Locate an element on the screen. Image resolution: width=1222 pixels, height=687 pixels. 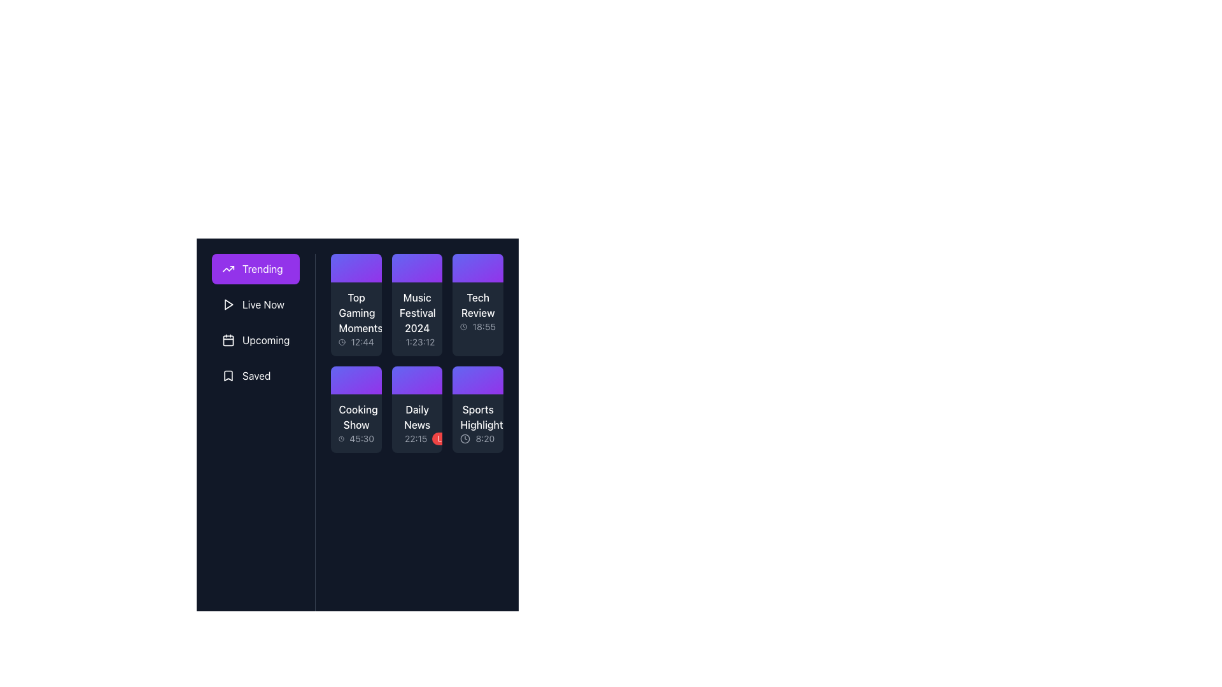
the decorative gradient background of the 'Sports Highlights' card located at the top section, which transitions from deep indigo to vibrant purple is located at coordinates (477, 380).